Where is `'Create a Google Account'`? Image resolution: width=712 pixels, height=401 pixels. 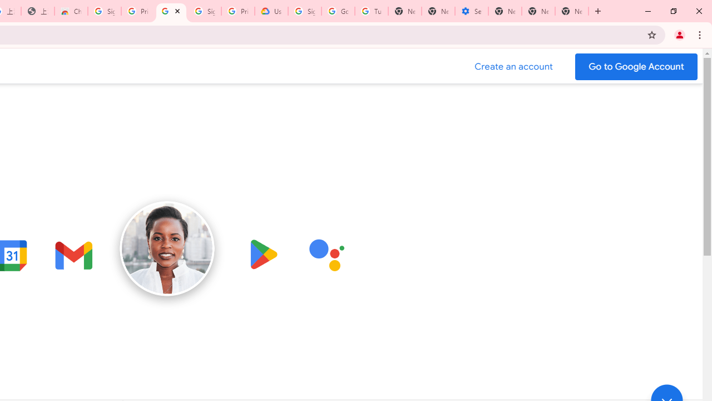 'Create a Google Account' is located at coordinates (513, 66).